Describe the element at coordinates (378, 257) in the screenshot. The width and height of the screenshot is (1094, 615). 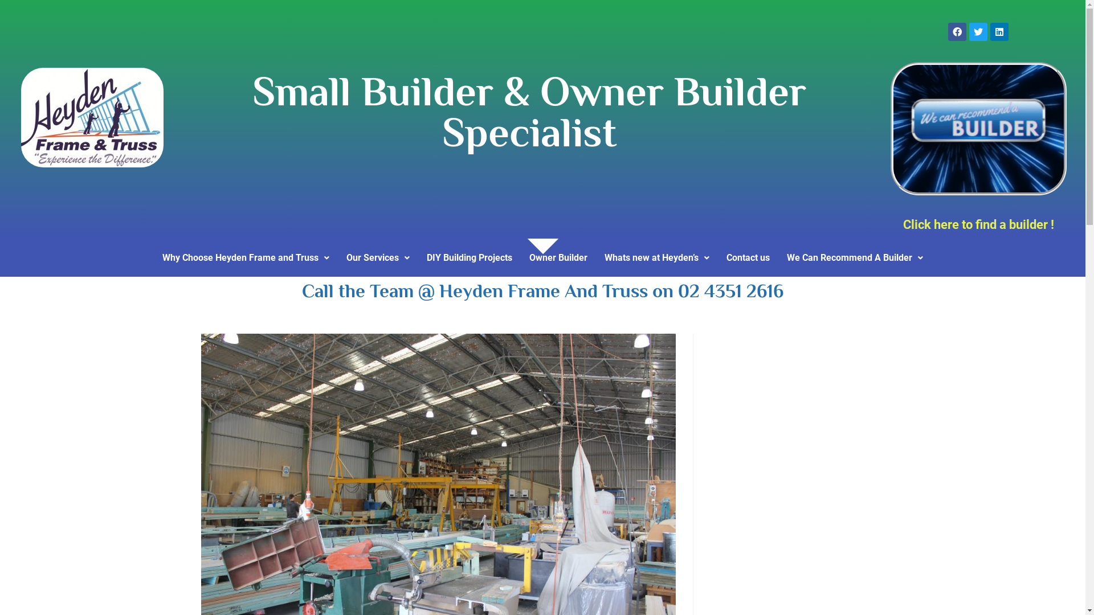
I see `'Our Services'` at that location.